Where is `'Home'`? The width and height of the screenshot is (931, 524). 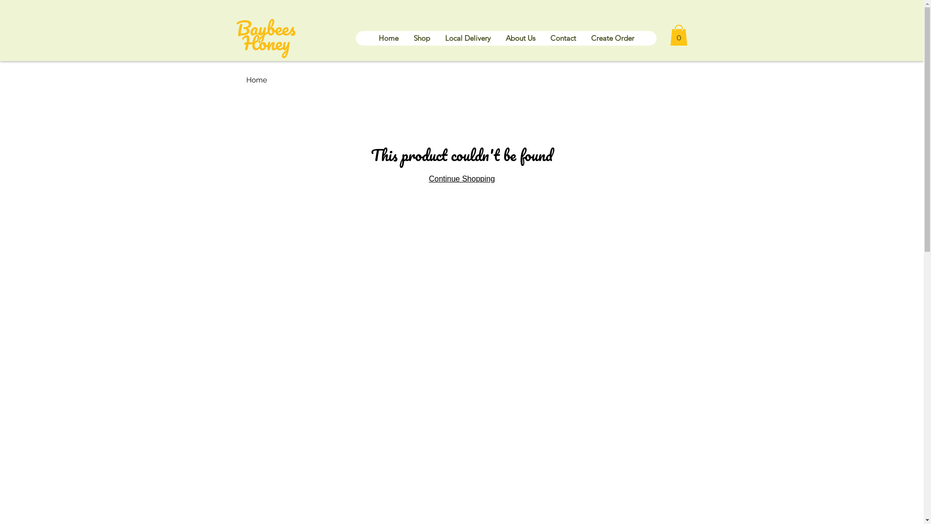
'Home' is located at coordinates (246, 80).